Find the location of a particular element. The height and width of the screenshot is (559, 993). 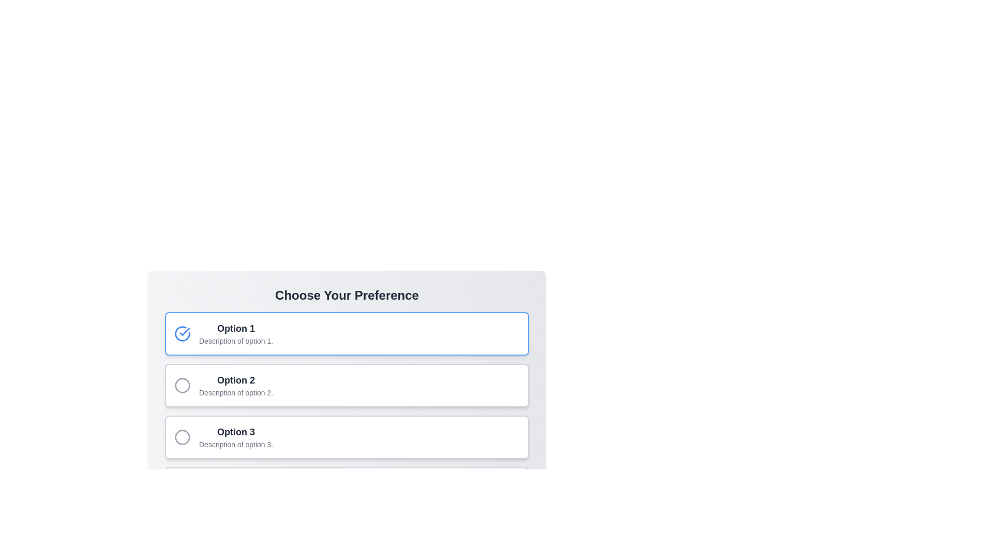

the text label that identifies the second selectable option, located beneath the heading 'Choose Your Preference' and between 'Option 1' and 'Option 3' is located at coordinates (235, 380).